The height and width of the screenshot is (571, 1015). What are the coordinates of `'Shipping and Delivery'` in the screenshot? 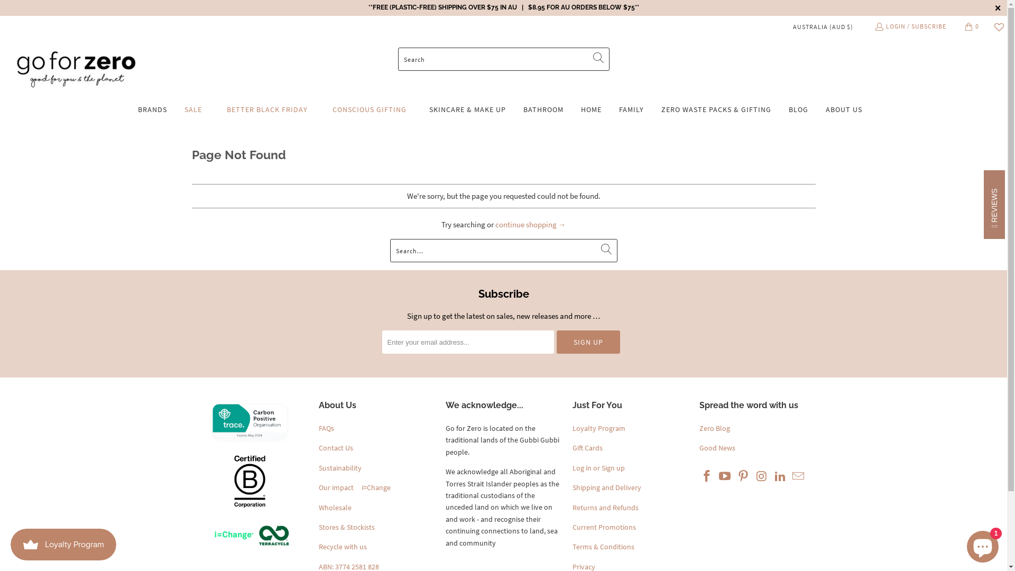 It's located at (606, 487).